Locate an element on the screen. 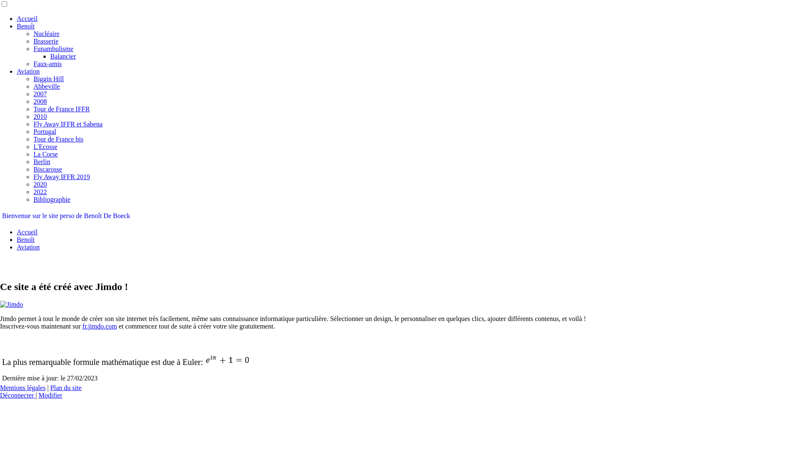 This screenshot has width=804, height=452. 'Funambulisme' is located at coordinates (53, 49).